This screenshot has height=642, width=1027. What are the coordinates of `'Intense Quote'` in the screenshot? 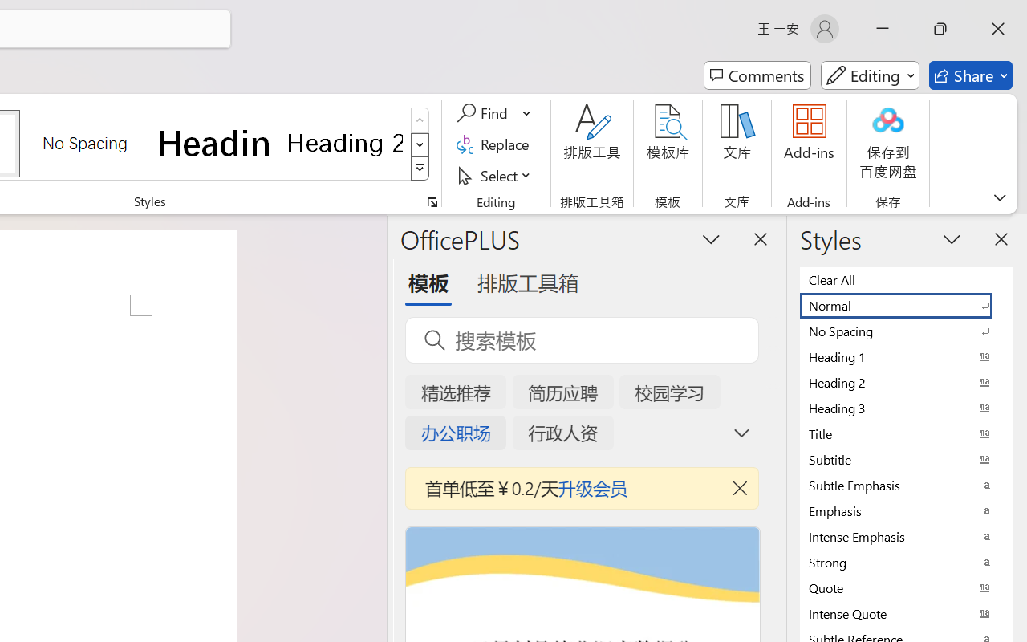 It's located at (907, 613).